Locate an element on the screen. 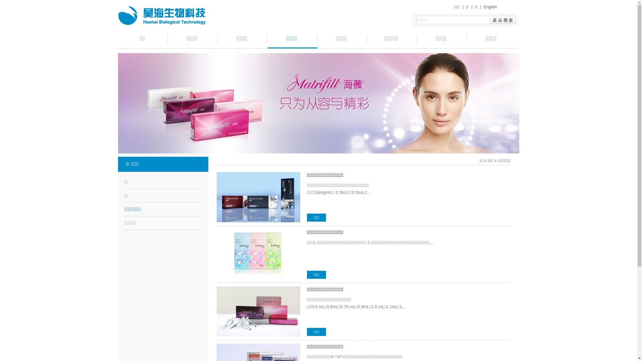  'English' is located at coordinates (490, 7).